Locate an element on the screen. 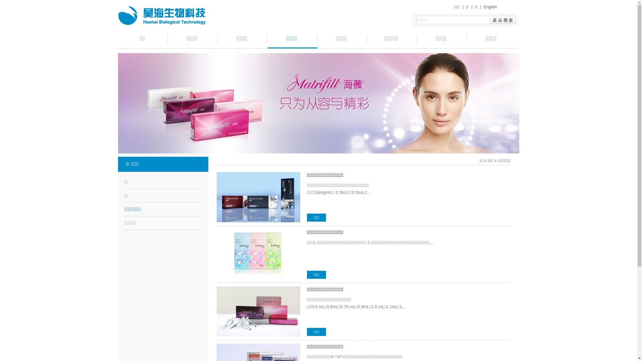  'English' is located at coordinates (490, 7).